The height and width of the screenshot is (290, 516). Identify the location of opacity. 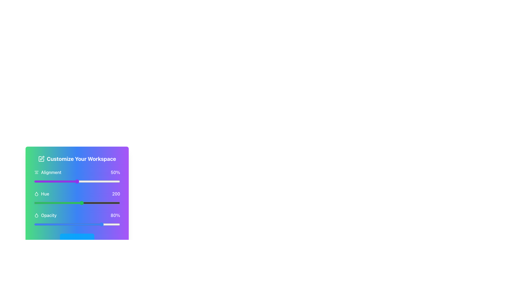
(48, 224).